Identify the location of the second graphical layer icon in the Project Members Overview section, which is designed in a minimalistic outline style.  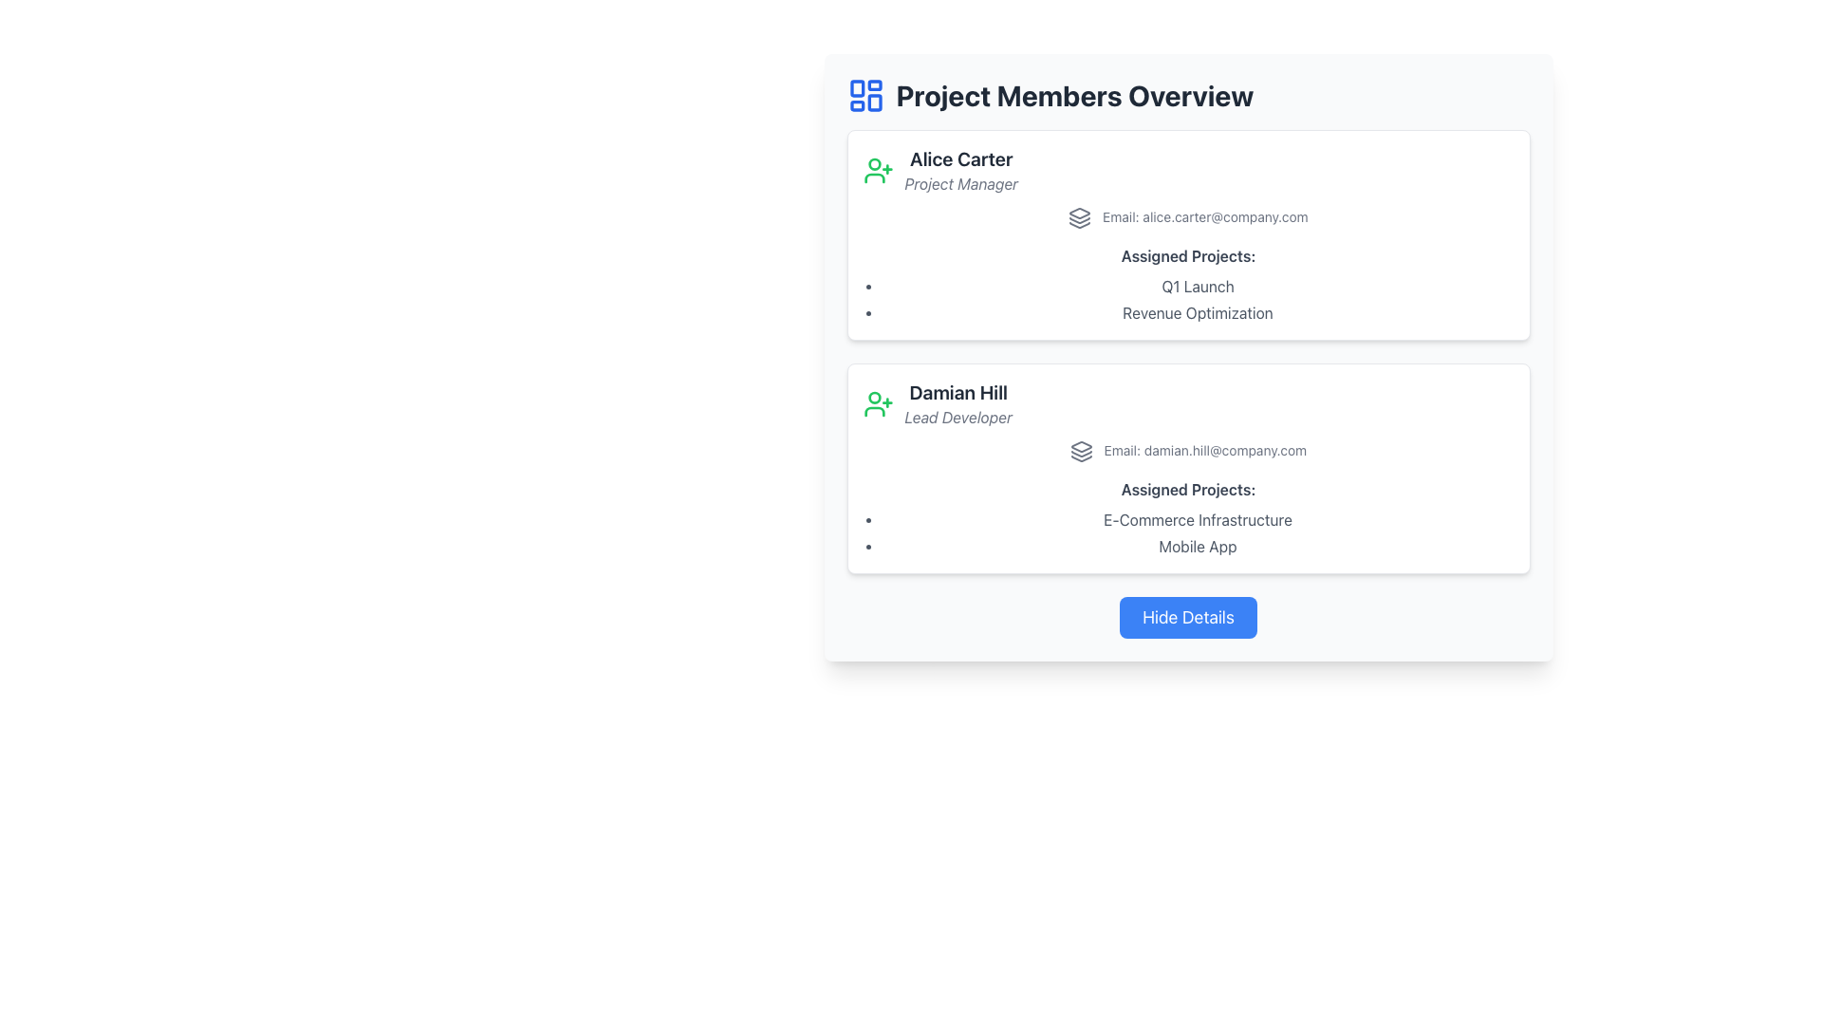
(1080, 219).